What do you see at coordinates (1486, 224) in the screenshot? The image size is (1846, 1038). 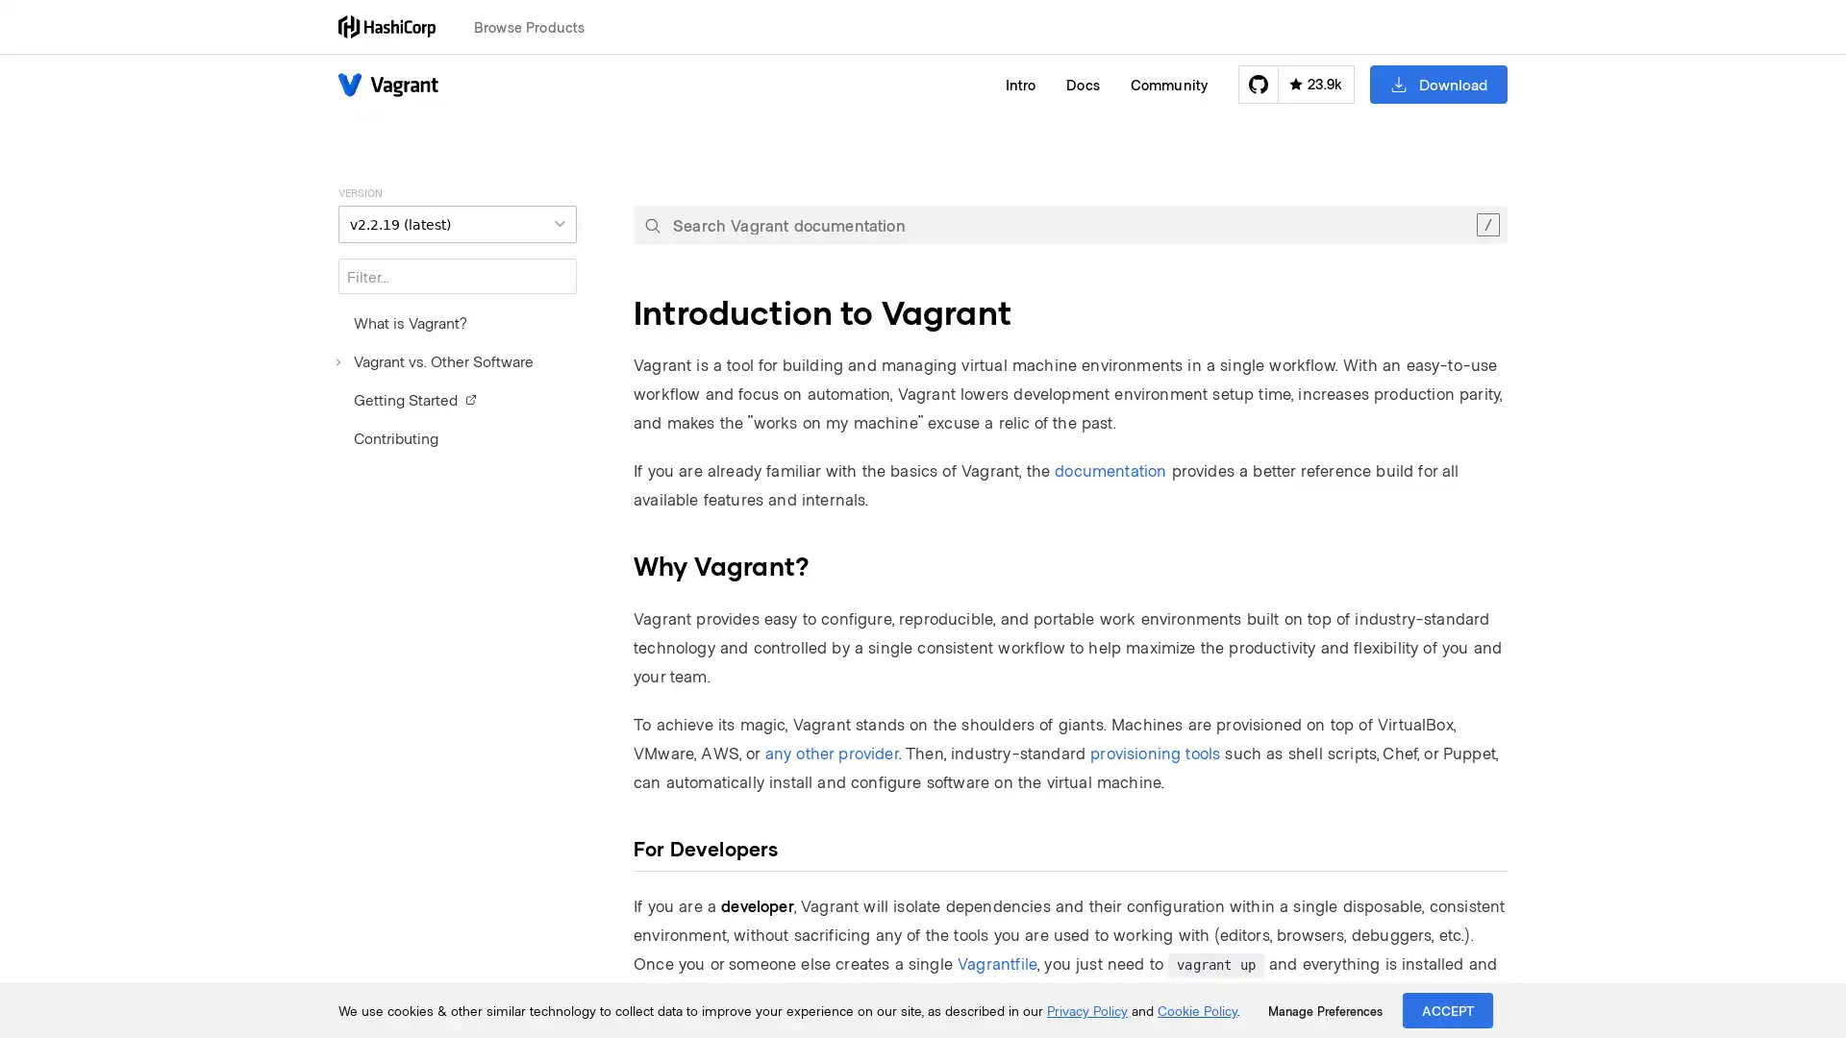 I see `Clear the search query.` at bounding box center [1486, 224].